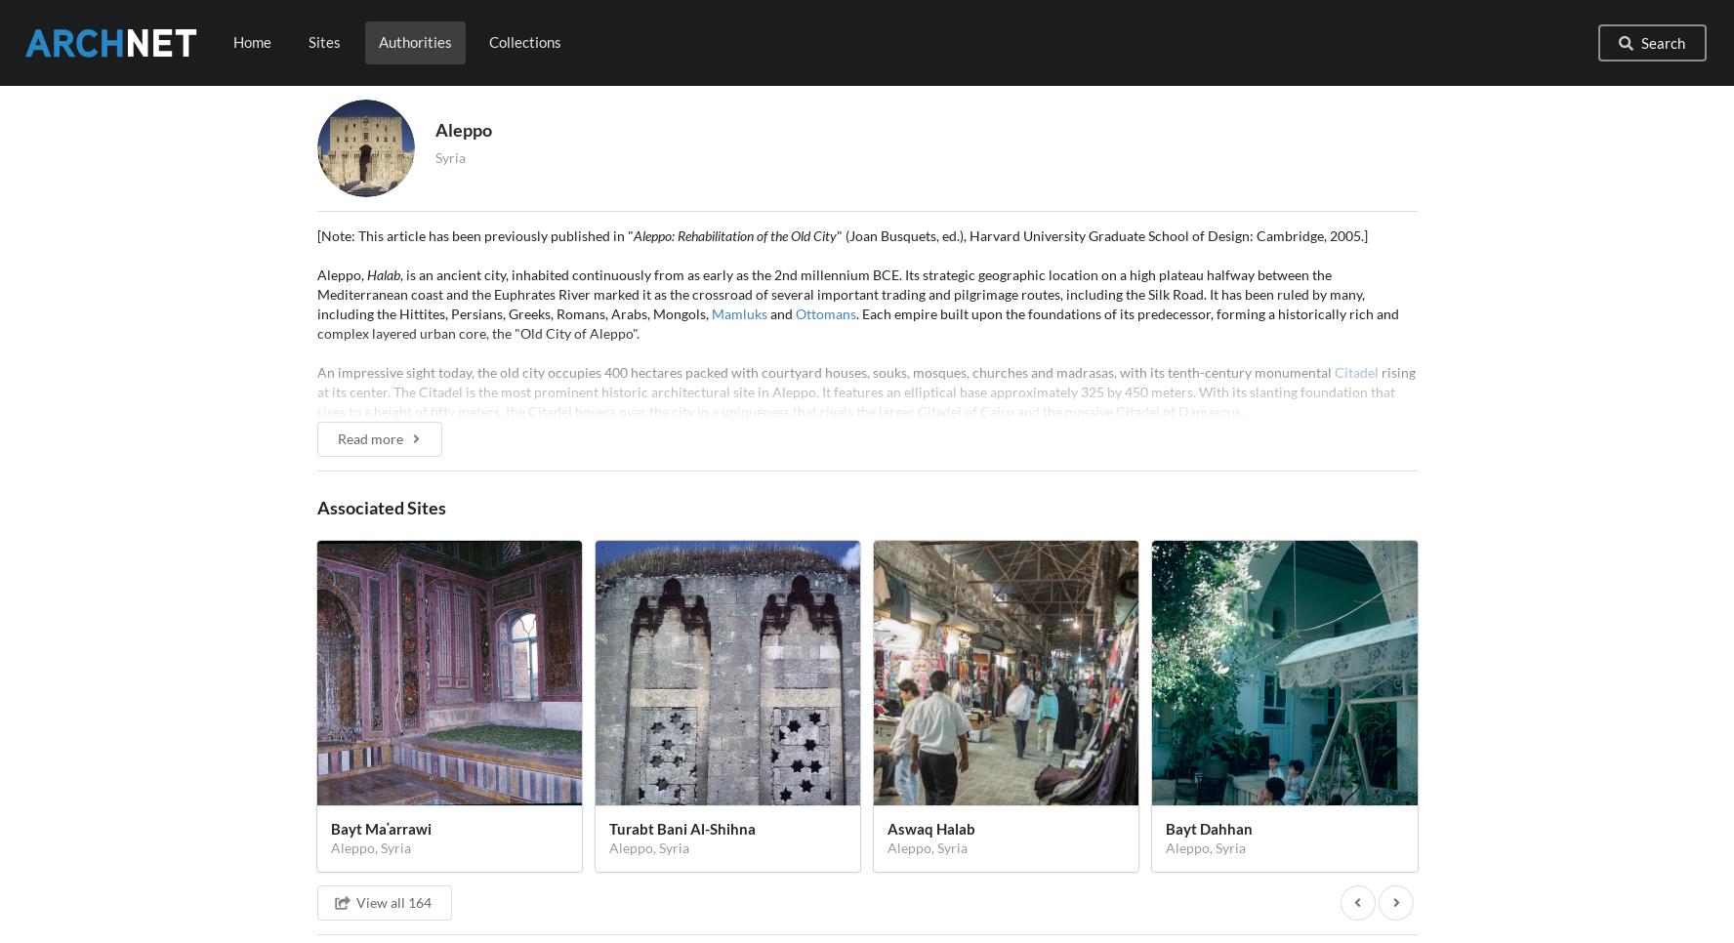  Describe the element at coordinates (825, 371) in the screenshot. I see `'An impressive sight today, the old city occupies 400 hectares packed with courtyard houses, souks, mosques, churches and madrasas, with its tenth-century monumental'` at that location.